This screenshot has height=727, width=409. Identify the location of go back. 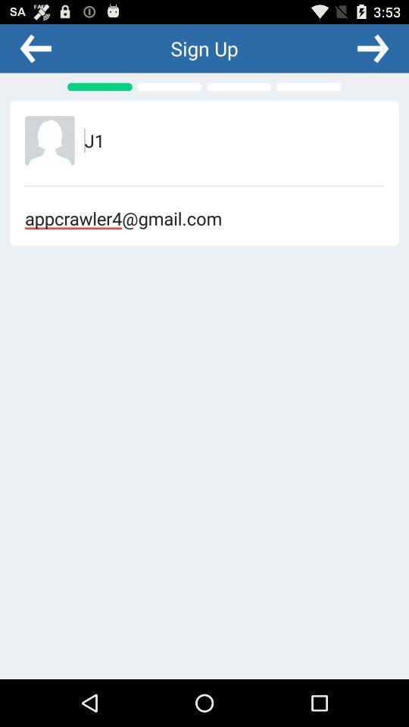
(36, 48).